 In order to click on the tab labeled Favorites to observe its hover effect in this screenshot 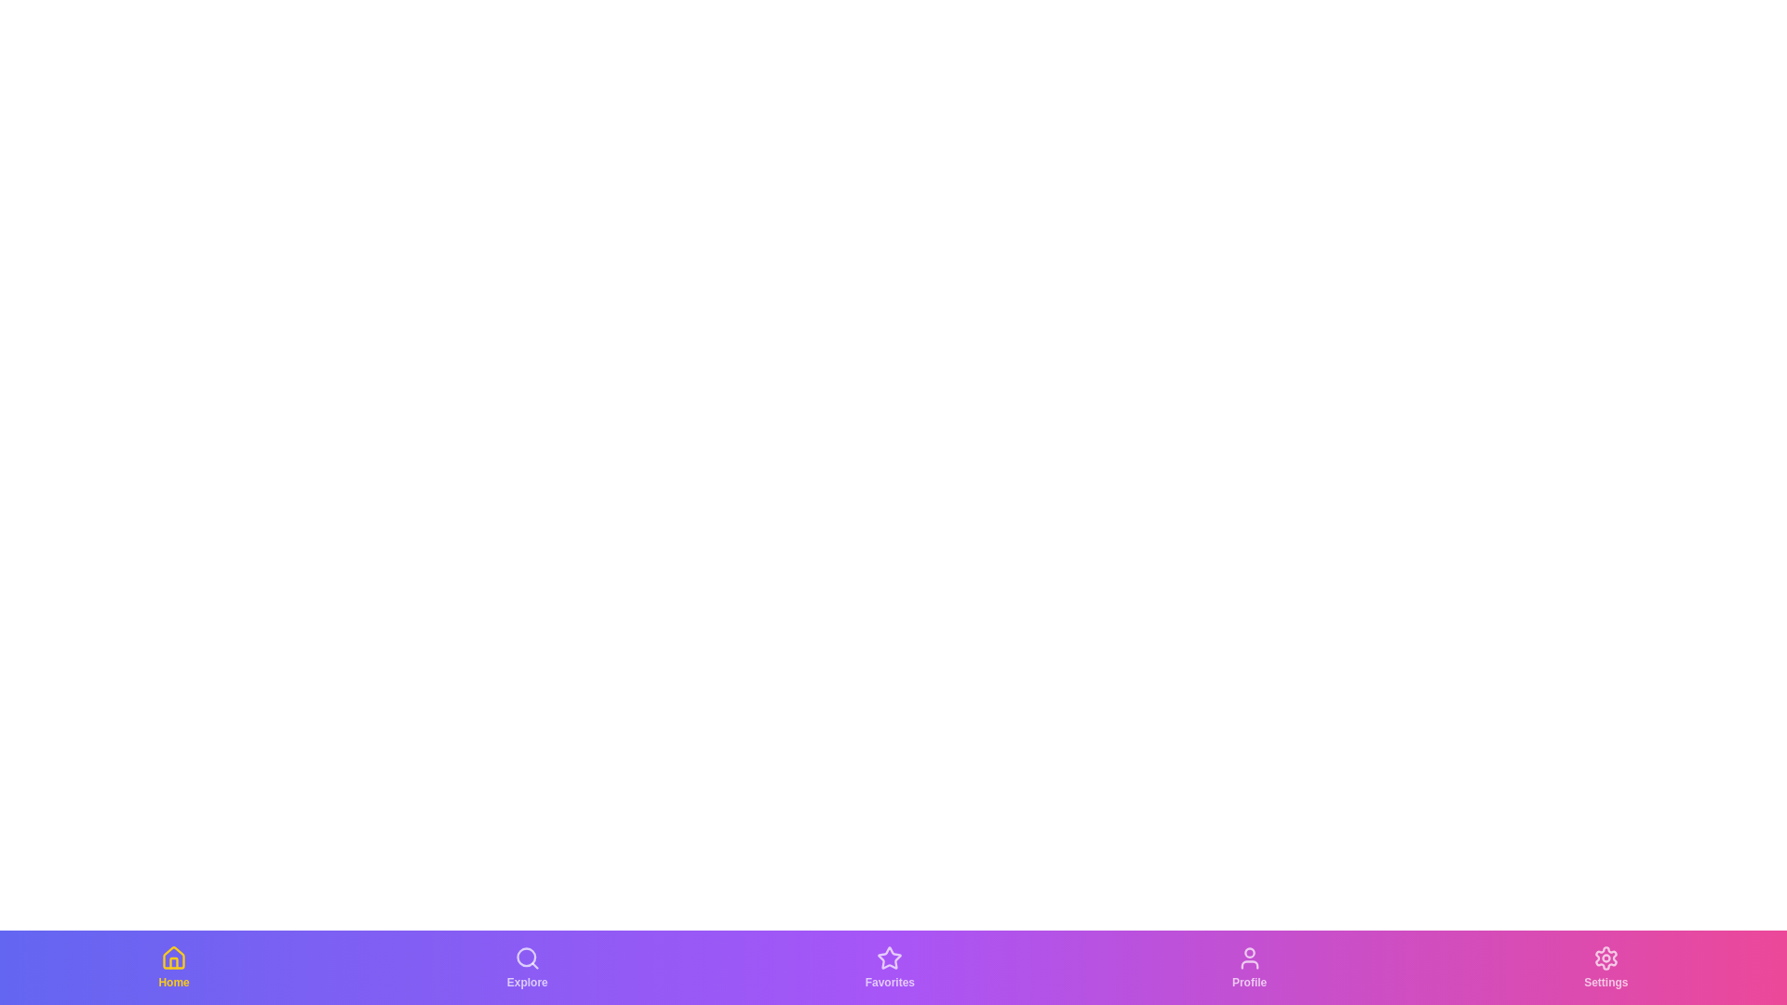, I will do `click(888, 967)`.